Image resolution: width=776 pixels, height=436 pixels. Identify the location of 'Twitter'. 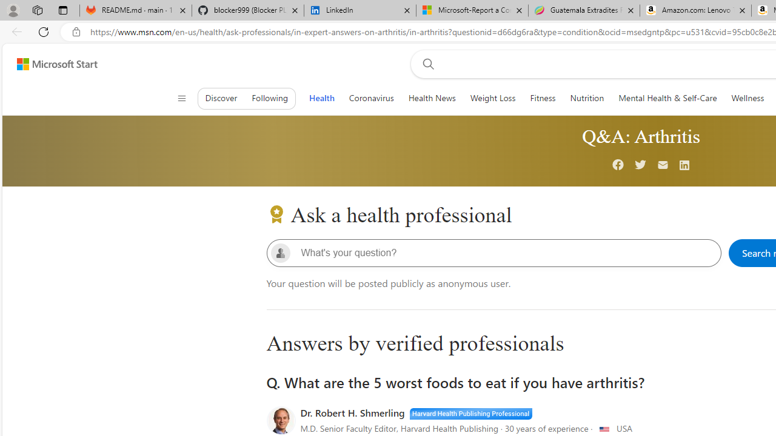
(640, 165).